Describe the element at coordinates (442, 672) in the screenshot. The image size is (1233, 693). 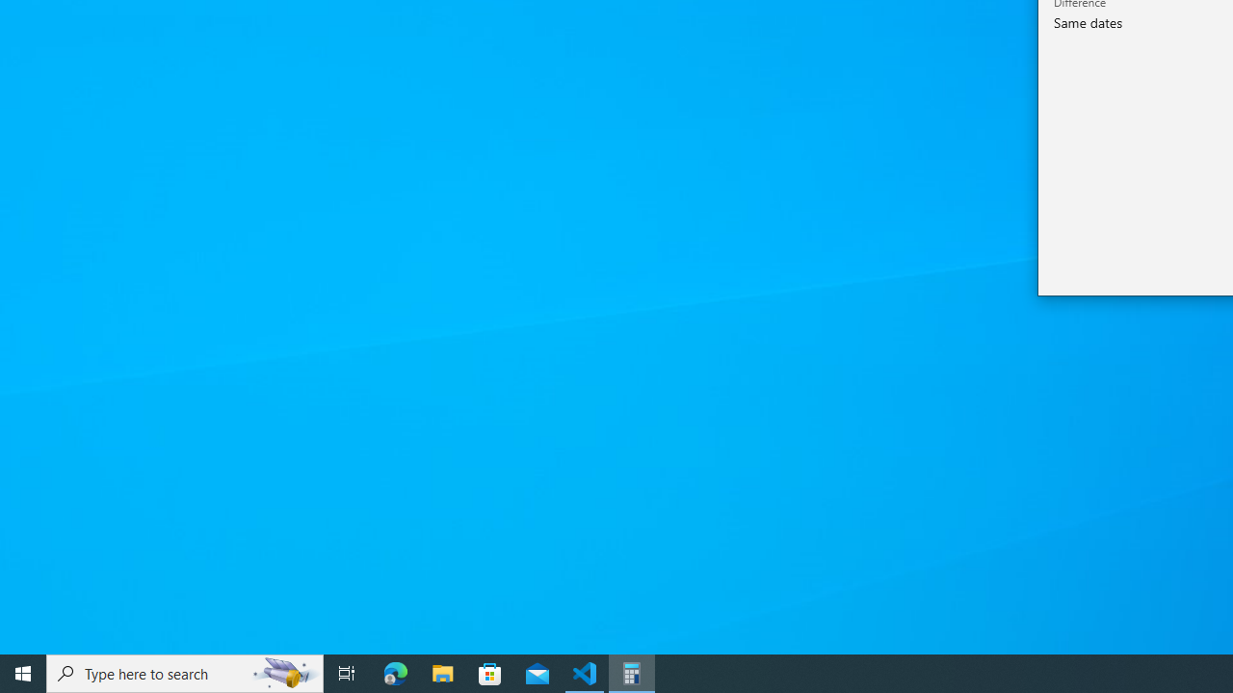
I see `'File Explorer'` at that location.